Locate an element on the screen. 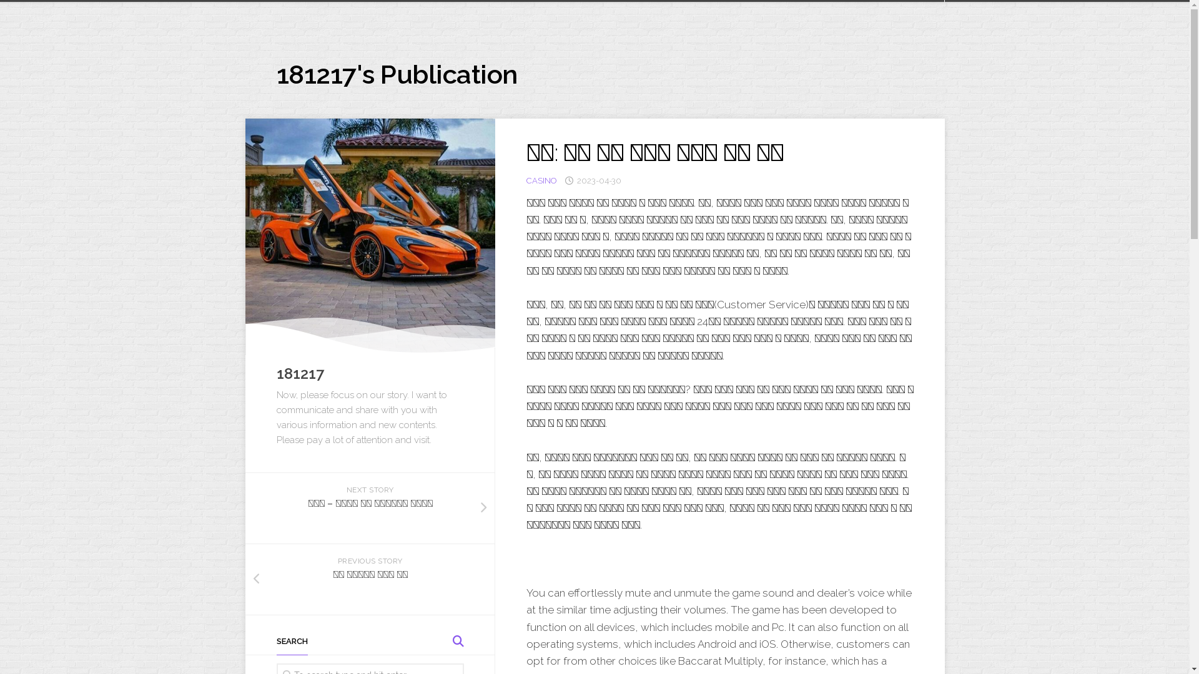 The width and height of the screenshot is (1199, 674). '181217's Publication' is located at coordinates (395, 74).